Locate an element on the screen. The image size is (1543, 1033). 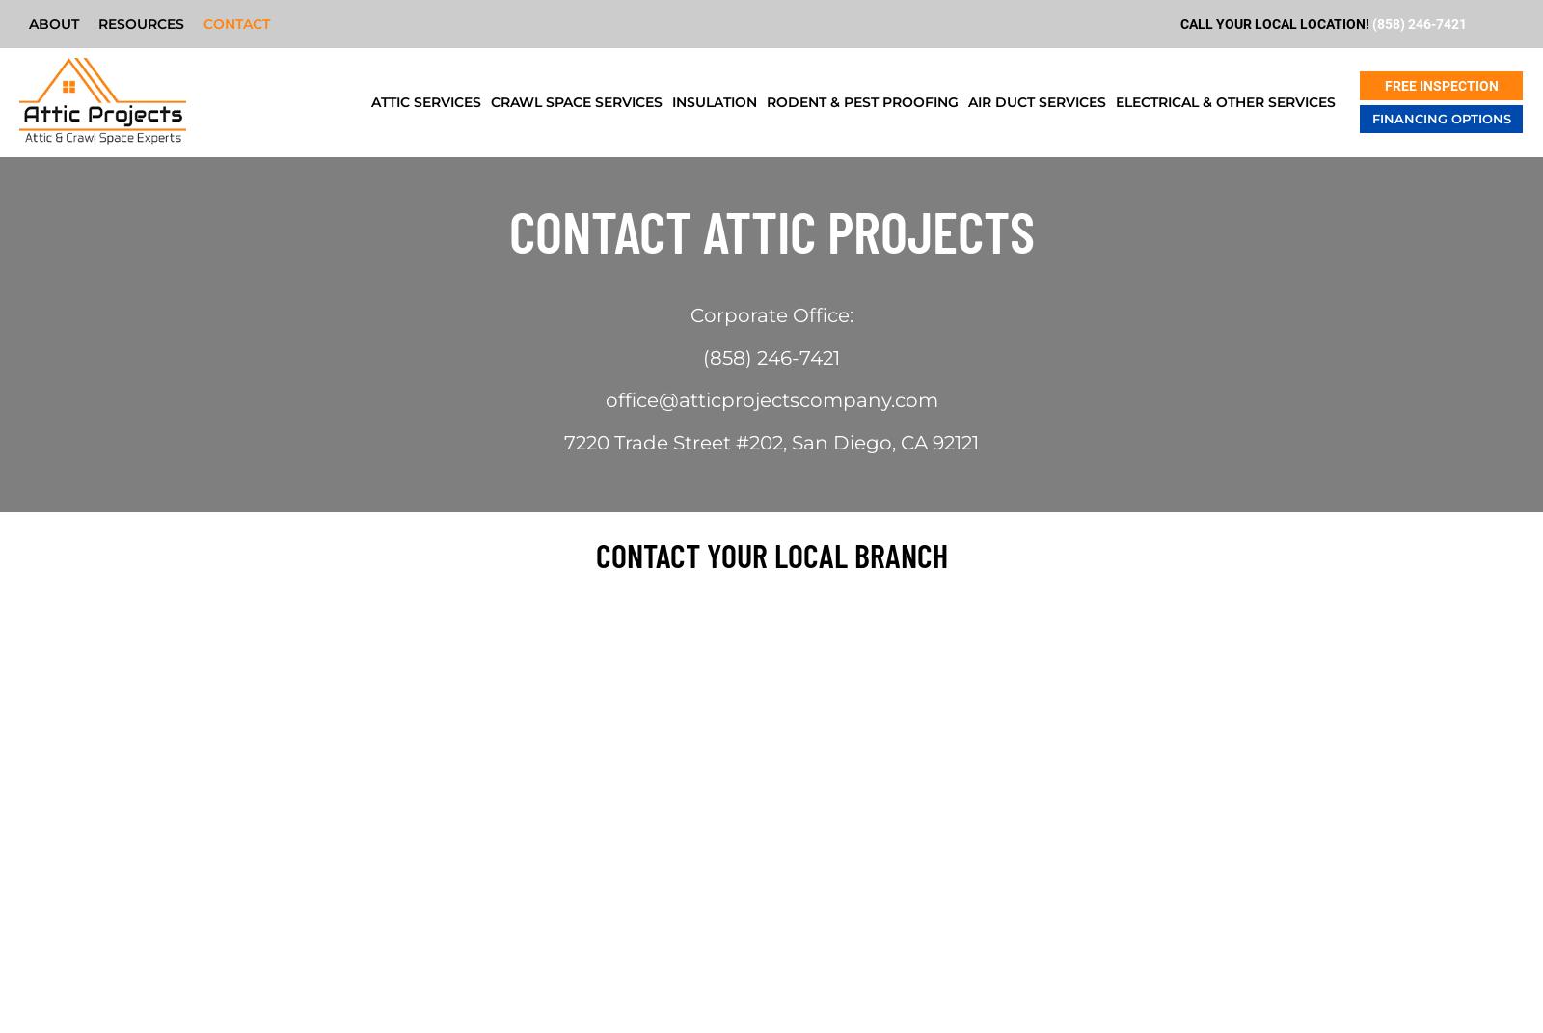
'Insulation' is located at coordinates (714, 102).